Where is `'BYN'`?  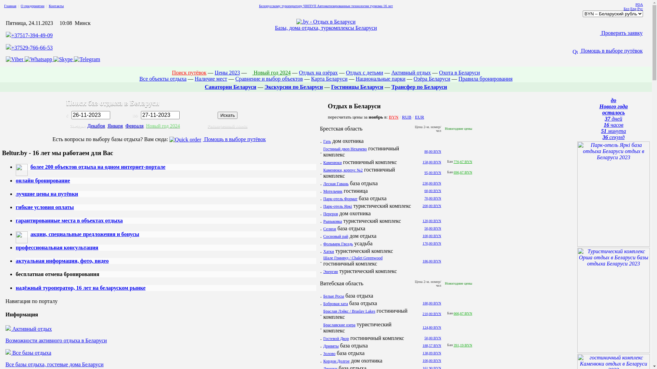 'BYN' is located at coordinates (394, 116).